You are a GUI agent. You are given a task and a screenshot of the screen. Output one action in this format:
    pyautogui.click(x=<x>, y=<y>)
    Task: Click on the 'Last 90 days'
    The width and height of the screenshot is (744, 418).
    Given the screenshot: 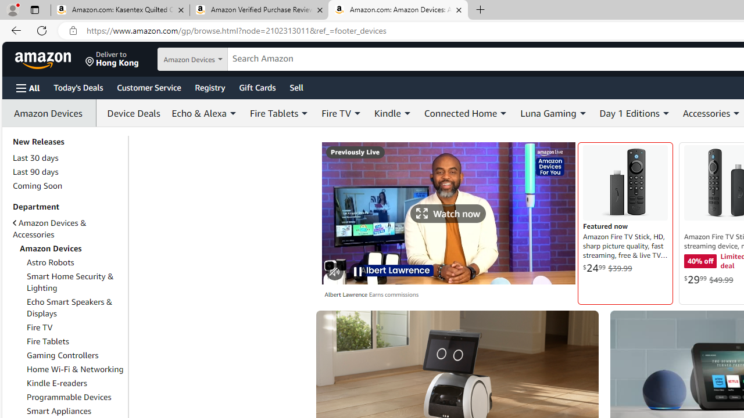 What is the action you would take?
    pyautogui.click(x=35, y=172)
    